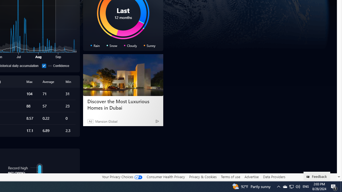 This screenshot has height=192, width=342. What do you see at coordinates (274, 177) in the screenshot?
I see `'Data Providers'` at bounding box center [274, 177].